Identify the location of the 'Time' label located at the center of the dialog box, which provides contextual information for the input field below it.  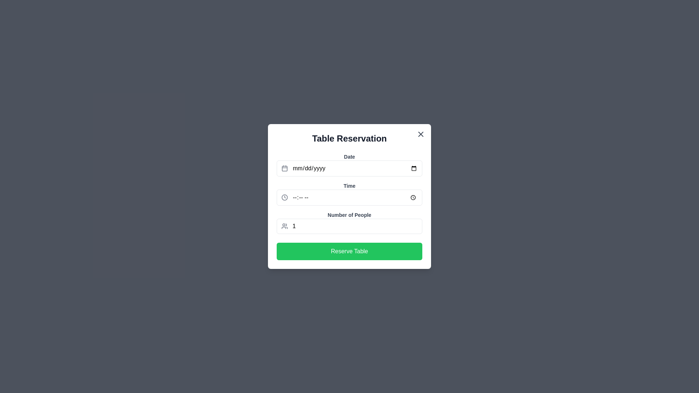
(349, 185).